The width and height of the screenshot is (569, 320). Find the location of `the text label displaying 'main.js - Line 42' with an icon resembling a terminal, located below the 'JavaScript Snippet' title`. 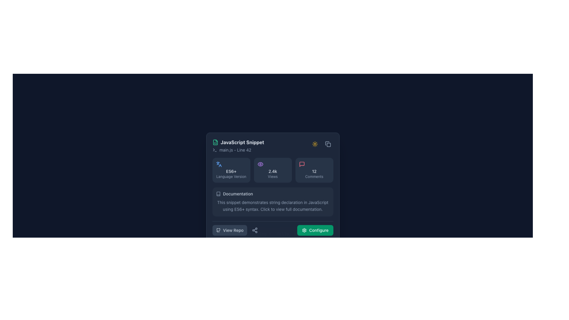

the text label displaying 'main.js - Line 42' with an icon resembling a terminal, located below the 'JavaScript Snippet' title is located at coordinates (238, 150).